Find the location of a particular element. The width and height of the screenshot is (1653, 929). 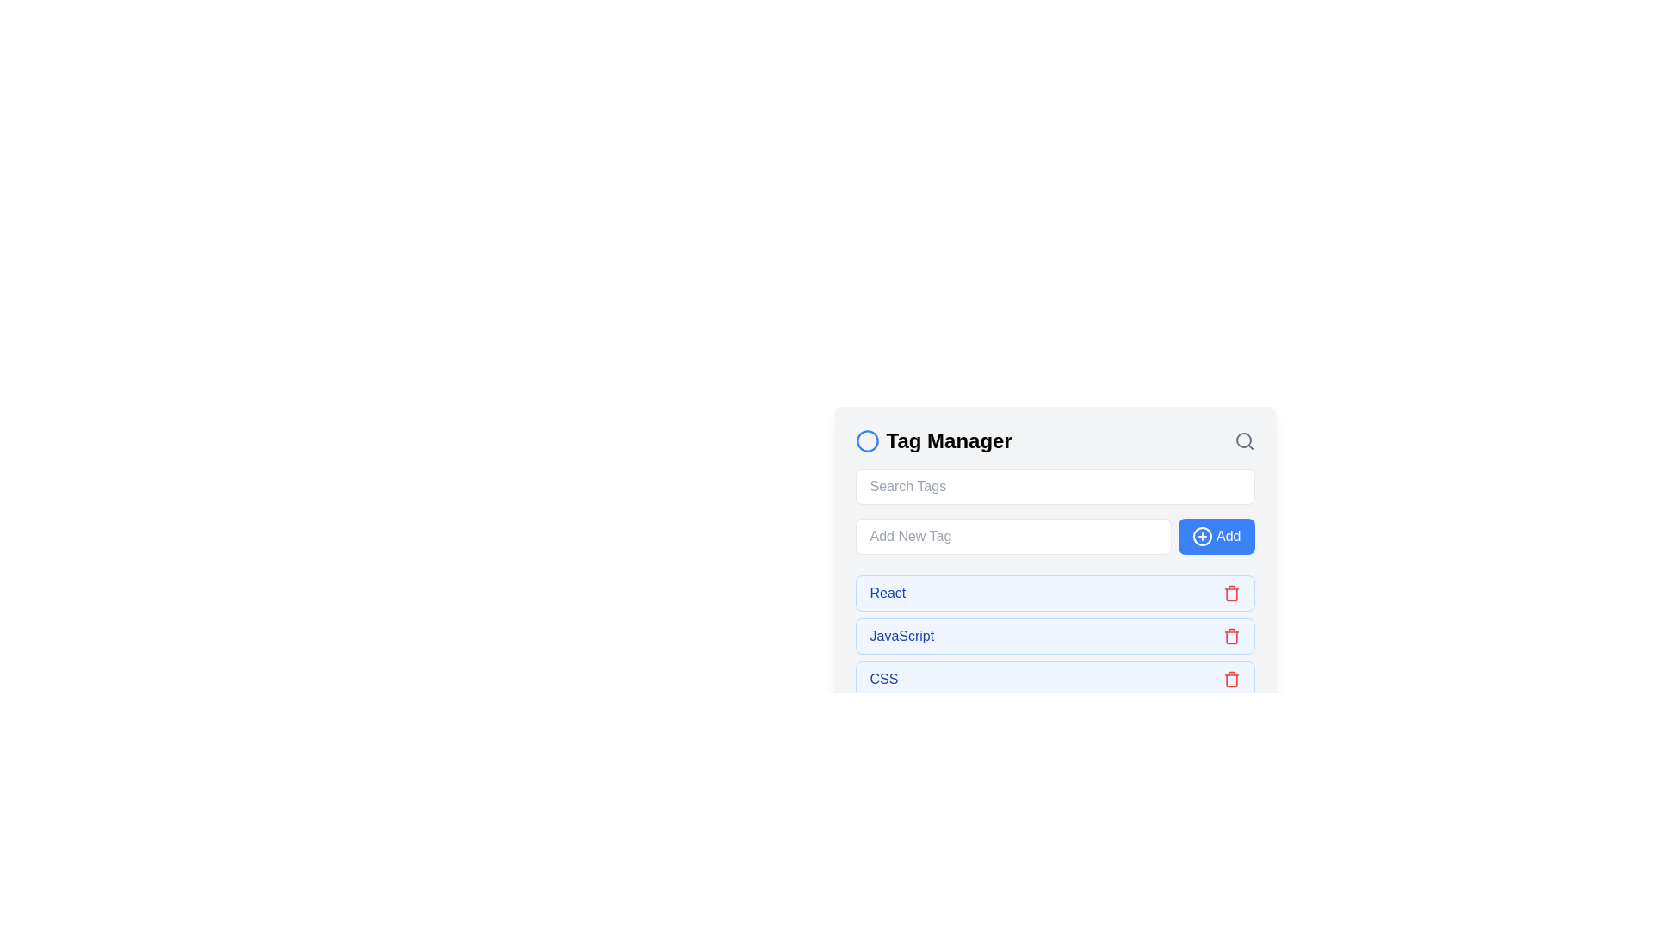

the Static Text Label displaying the word 'React' in blue font, located in a light blue background area below the 'Tag Manager' title is located at coordinates (888, 593).